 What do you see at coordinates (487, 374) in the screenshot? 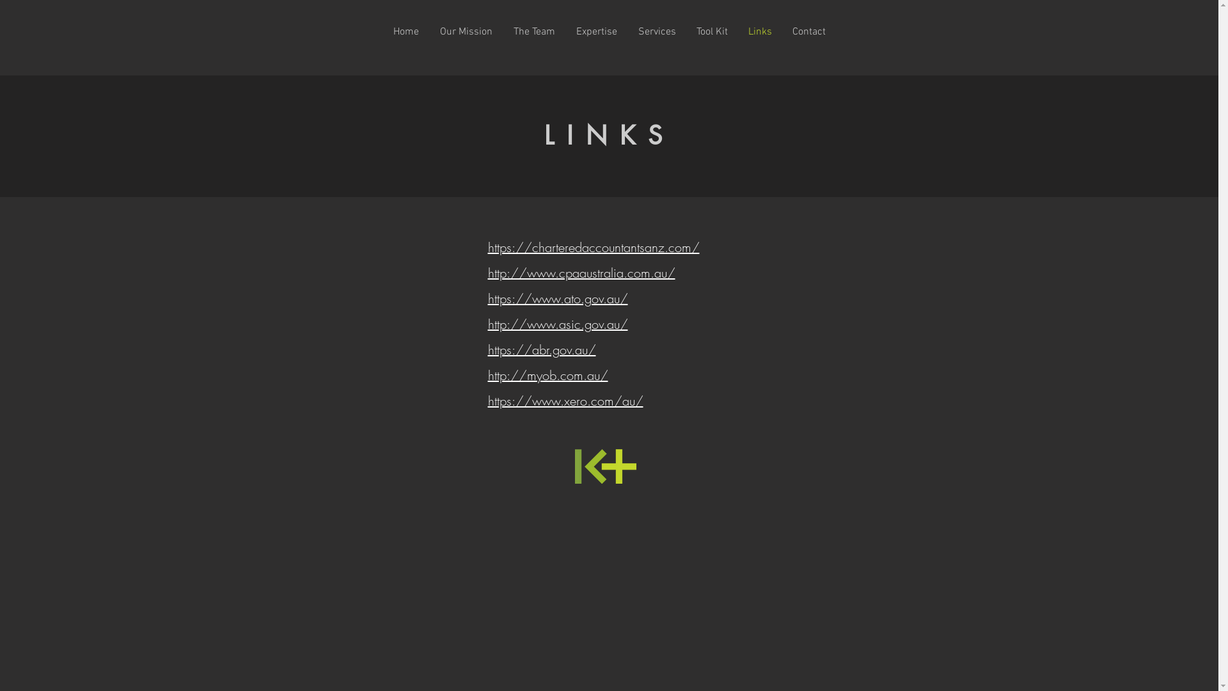
I see `'http://myob.com.au/'` at bounding box center [487, 374].